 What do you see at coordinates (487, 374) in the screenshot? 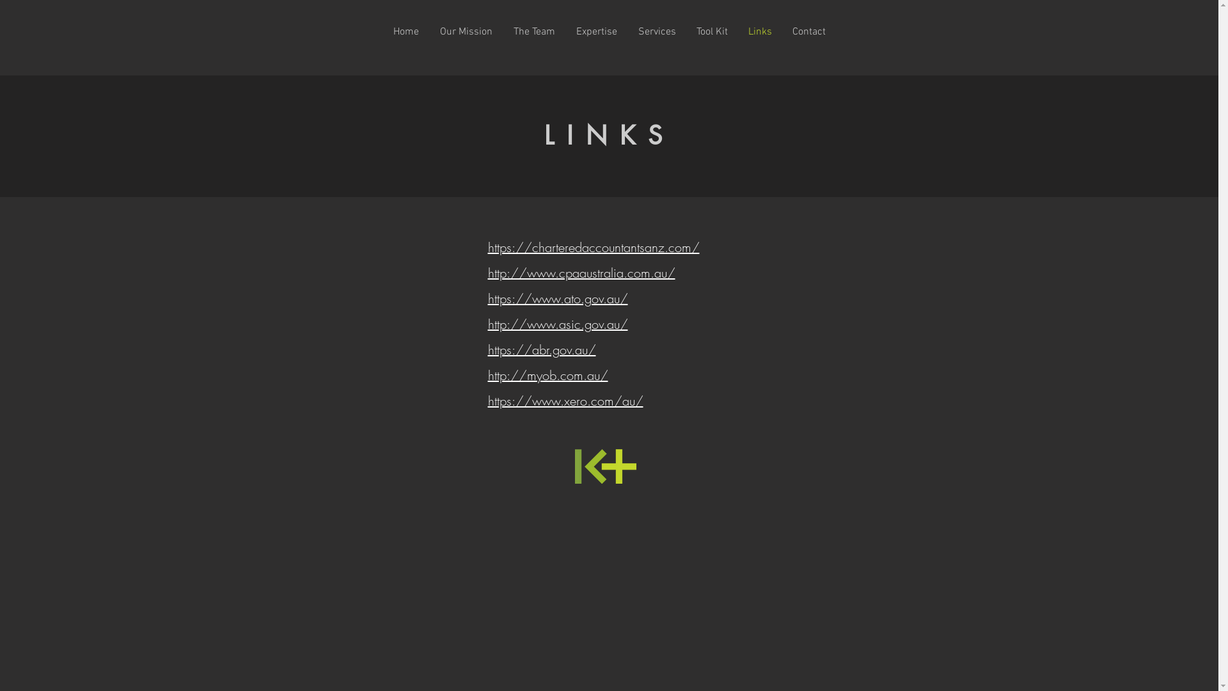
I see `'http://myob.com.au/'` at bounding box center [487, 374].